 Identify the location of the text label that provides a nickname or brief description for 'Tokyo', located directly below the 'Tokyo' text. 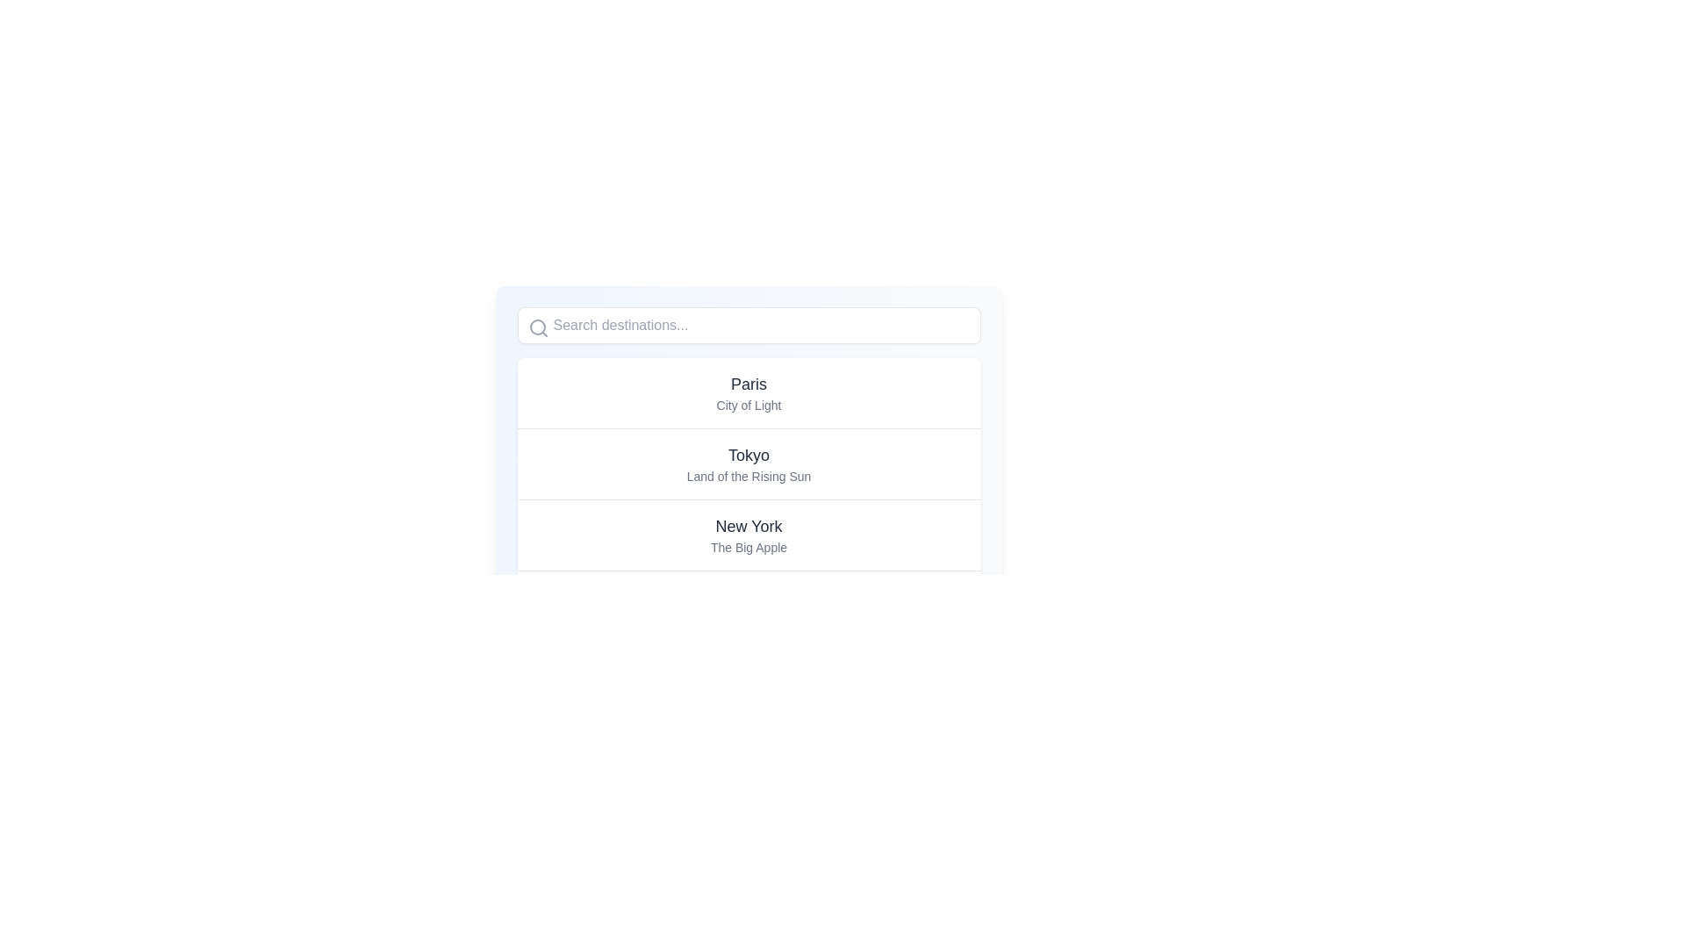
(749, 477).